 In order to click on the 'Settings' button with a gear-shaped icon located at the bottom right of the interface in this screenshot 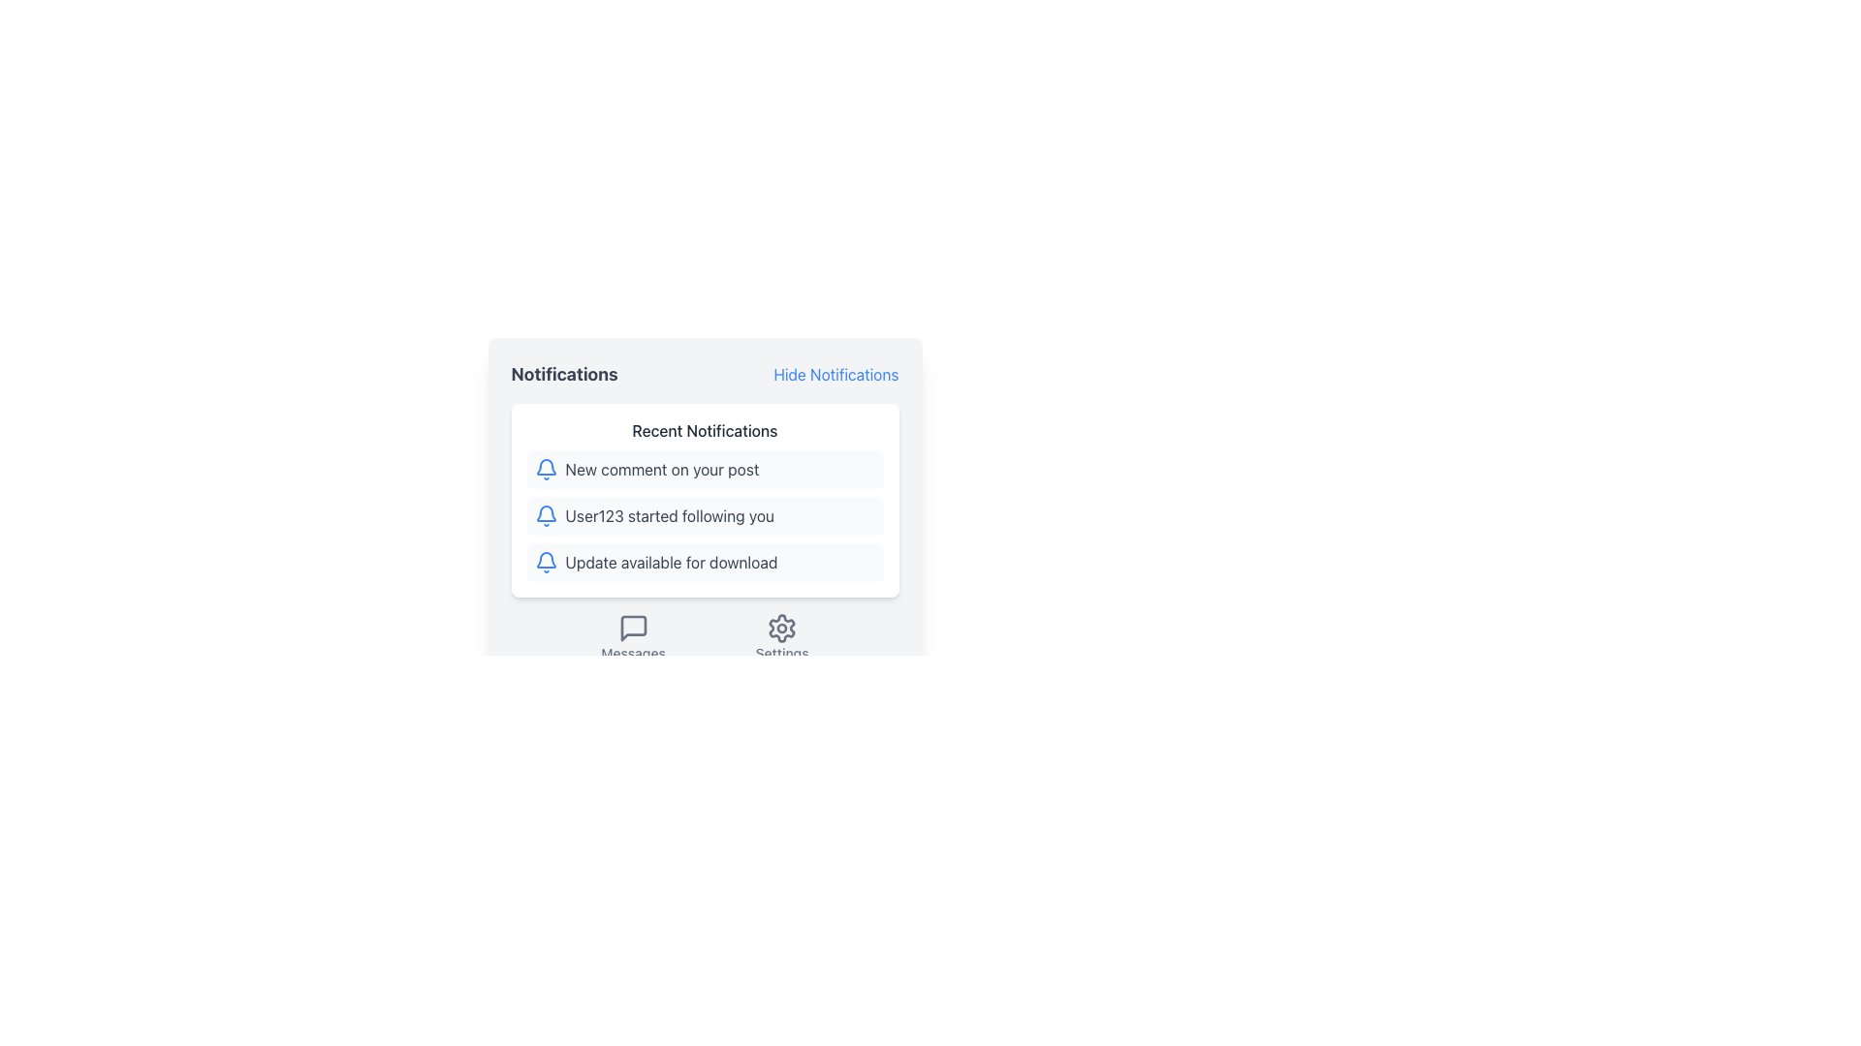, I will do `click(782, 638)`.